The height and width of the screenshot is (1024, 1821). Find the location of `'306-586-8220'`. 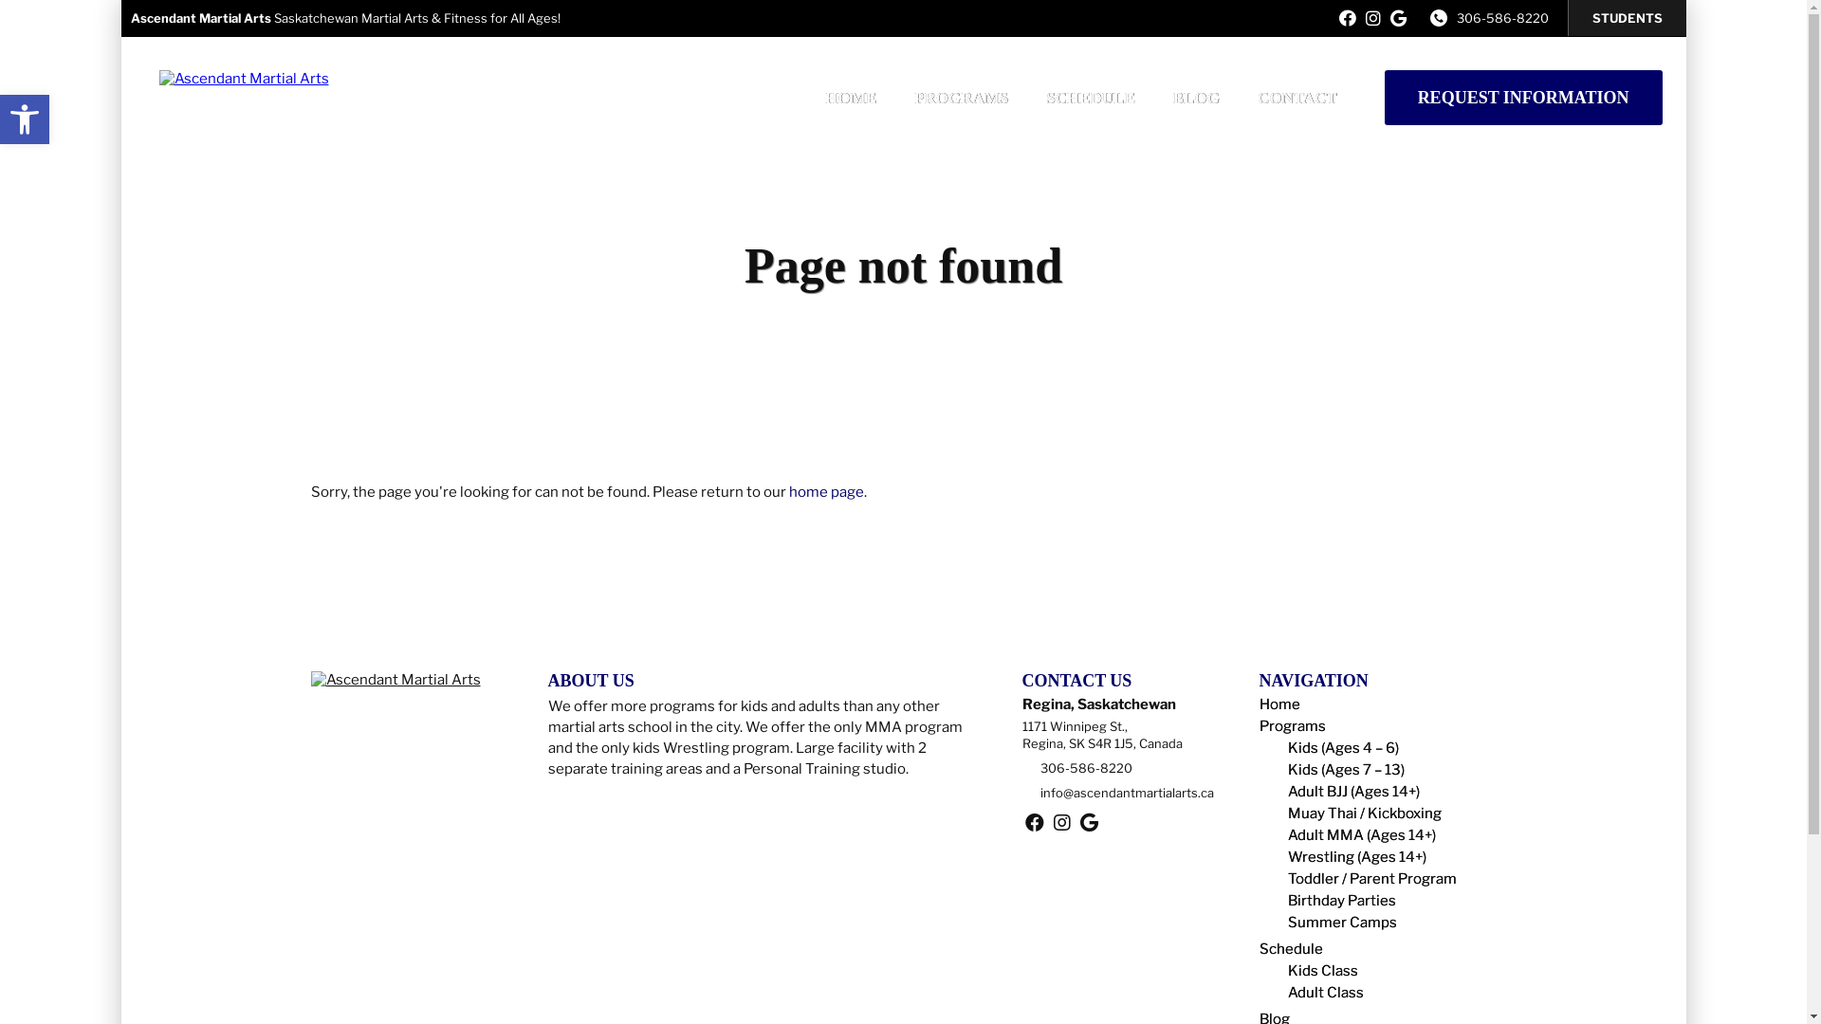

'306-586-8220' is located at coordinates (1085, 768).